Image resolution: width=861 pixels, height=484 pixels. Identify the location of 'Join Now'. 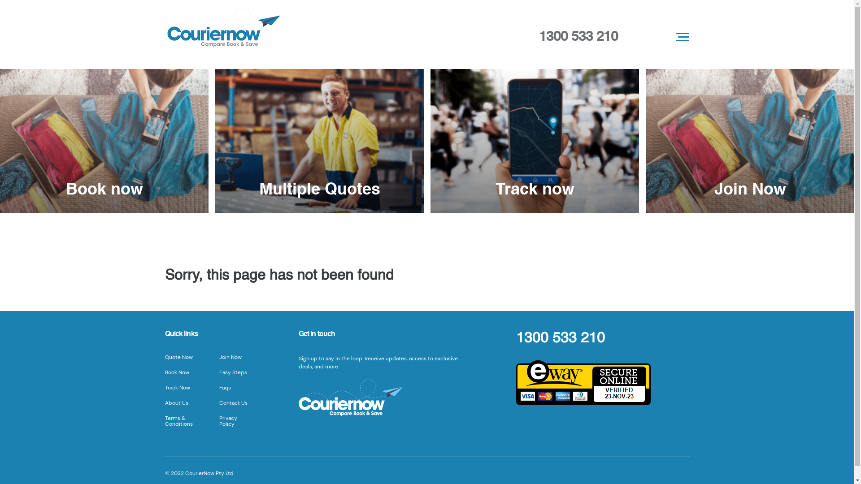
(230, 357).